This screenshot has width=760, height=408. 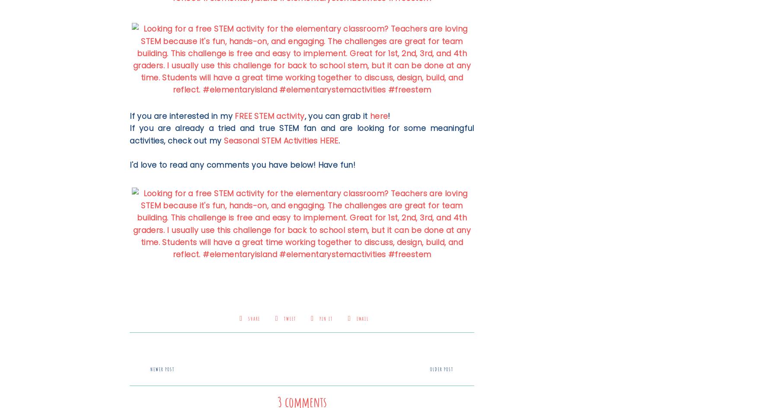 I want to click on 'FREE STEM activity', so click(x=269, y=116).